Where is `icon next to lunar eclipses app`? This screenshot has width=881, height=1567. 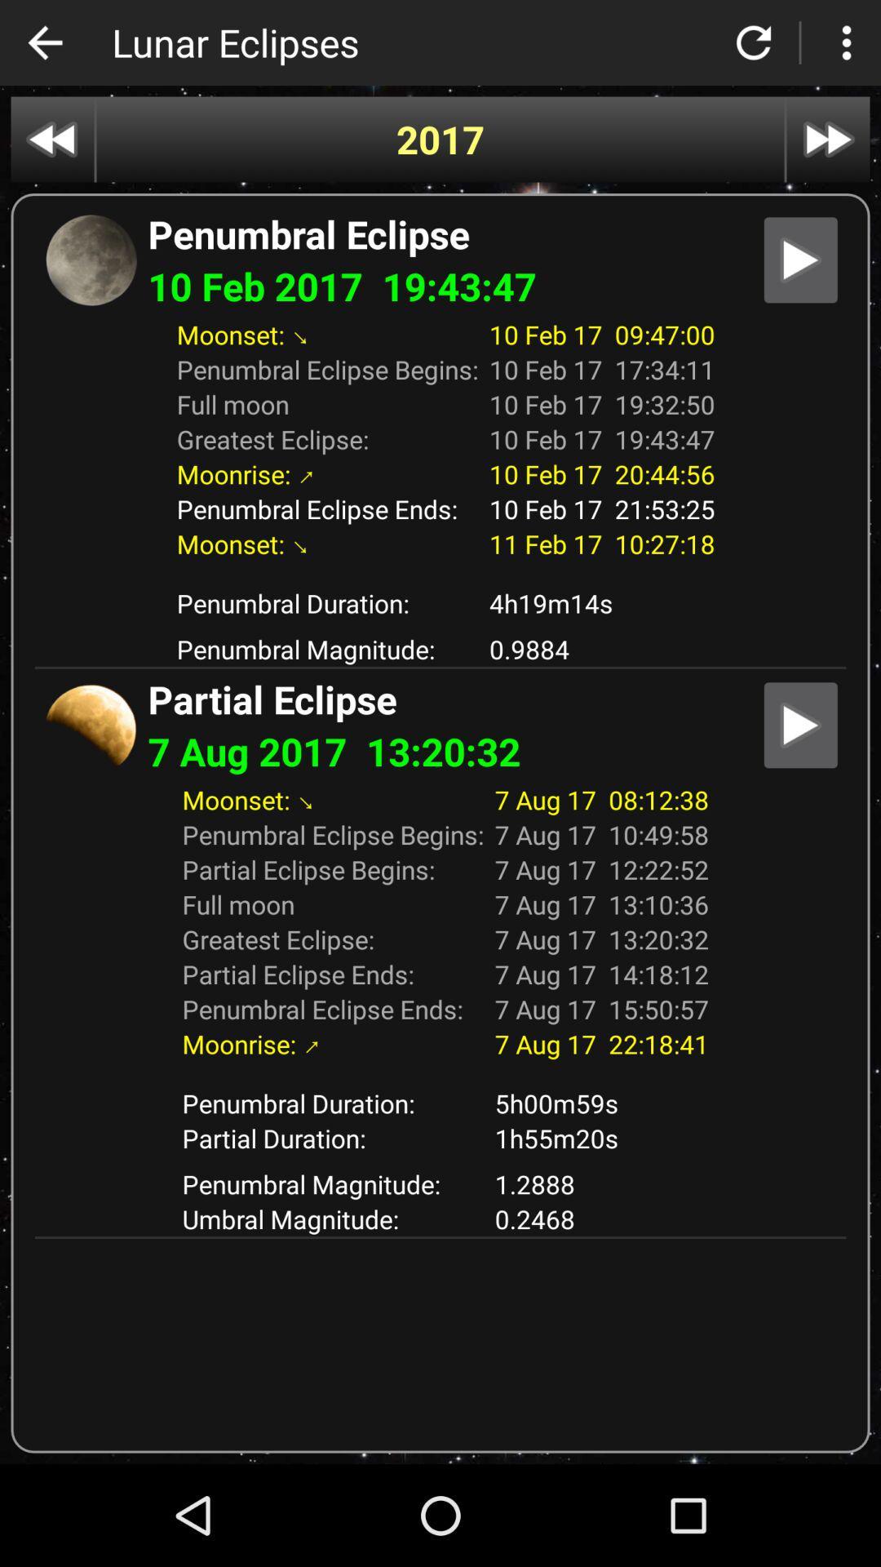 icon next to lunar eclipses app is located at coordinates (44, 42).